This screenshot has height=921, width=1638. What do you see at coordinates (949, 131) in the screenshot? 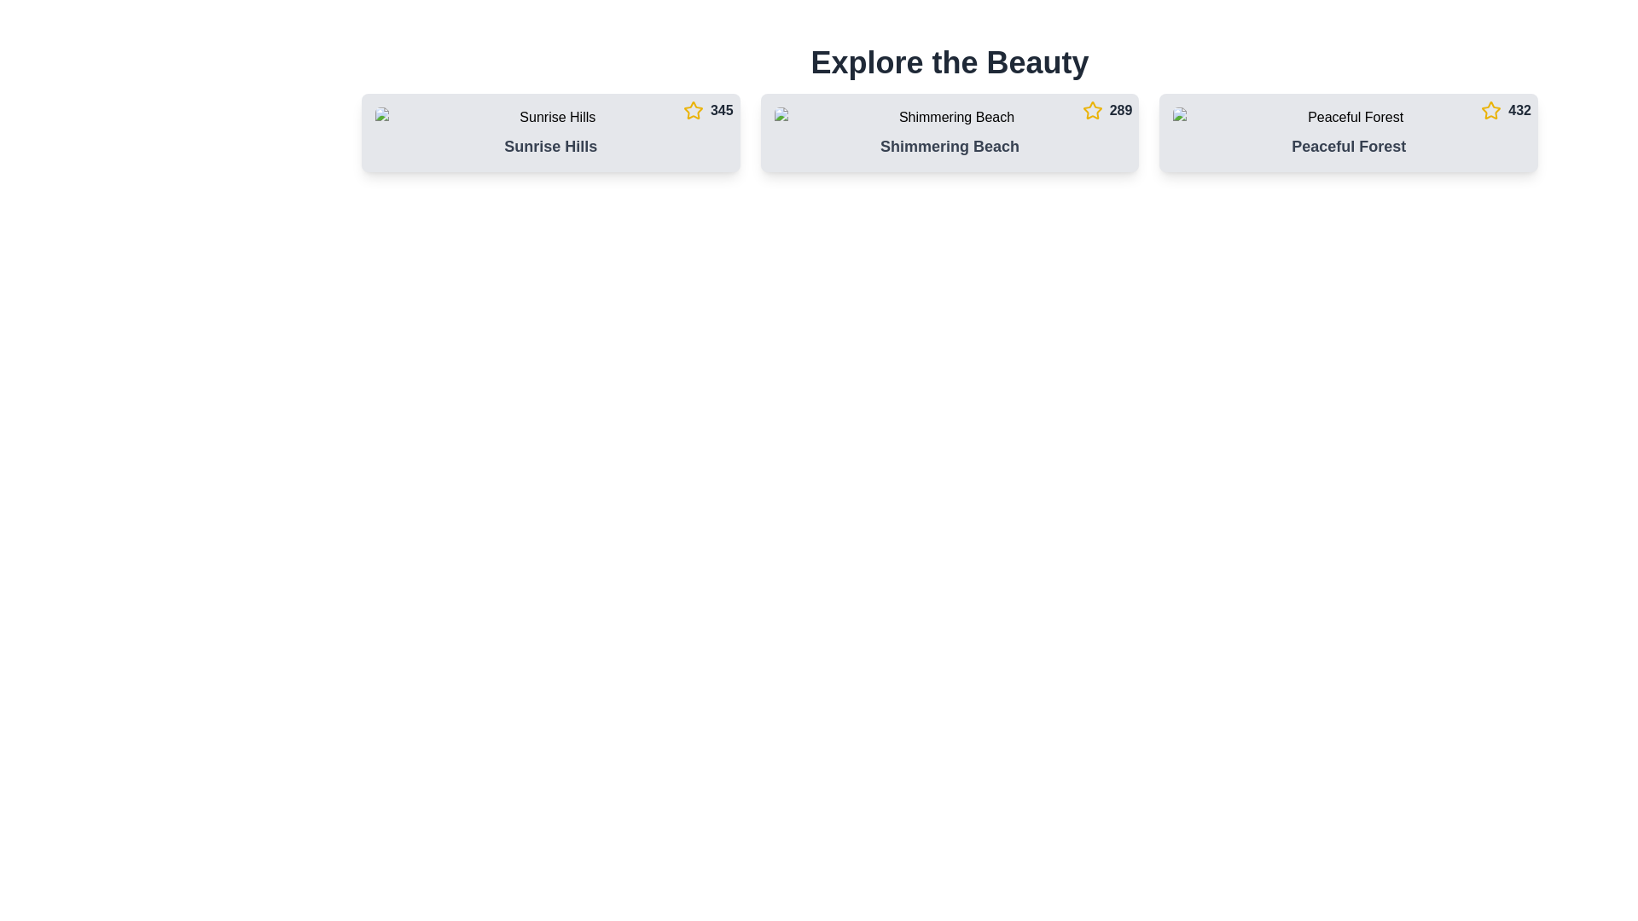
I see `the 'Shimmering Beach' card element, which features a rounded gray background, an image placeholder, and a yellow star icon with the number '289' in the top right corner` at bounding box center [949, 131].